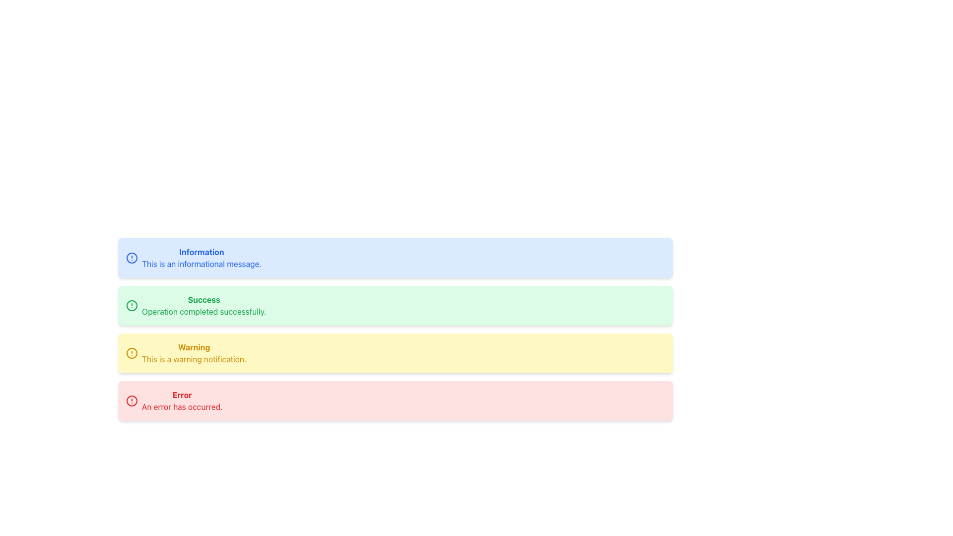 This screenshot has width=953, height=536. What do you see at coordinates (182, 407) in the screenshot?
I see `error message displayed in the text label located in the lower section of the red notification panel, centered below the bold 'Error' text` at bounding box center [182, 407].